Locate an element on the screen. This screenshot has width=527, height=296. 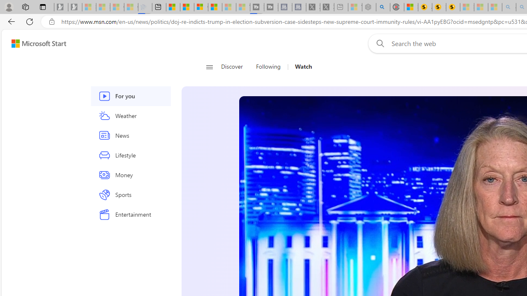
'Nordace - Summer Adventures 2024 - Sleeping' is located at coordinates (368, 7).